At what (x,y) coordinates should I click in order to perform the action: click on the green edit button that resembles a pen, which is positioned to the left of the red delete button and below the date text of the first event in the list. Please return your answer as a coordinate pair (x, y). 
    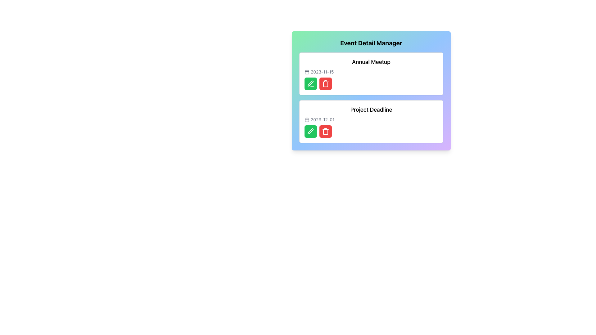
    Looking at the image, I should click on (310, 83).